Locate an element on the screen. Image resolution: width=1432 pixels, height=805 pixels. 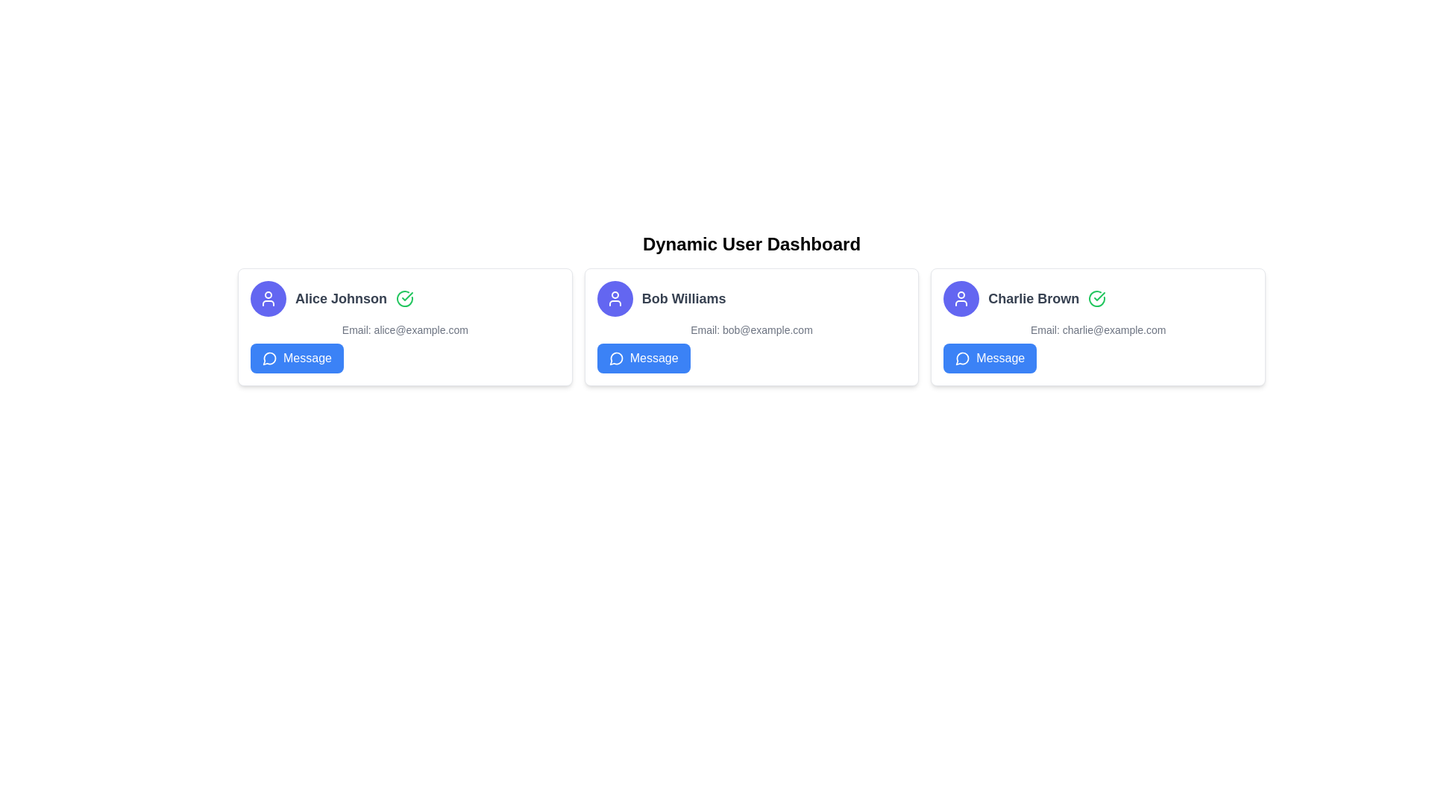
the circular speech bubble icon located on the left side of the 'Message' button associated with 'Bob Williams' on the dashboard is located at coordinates (616, 359).